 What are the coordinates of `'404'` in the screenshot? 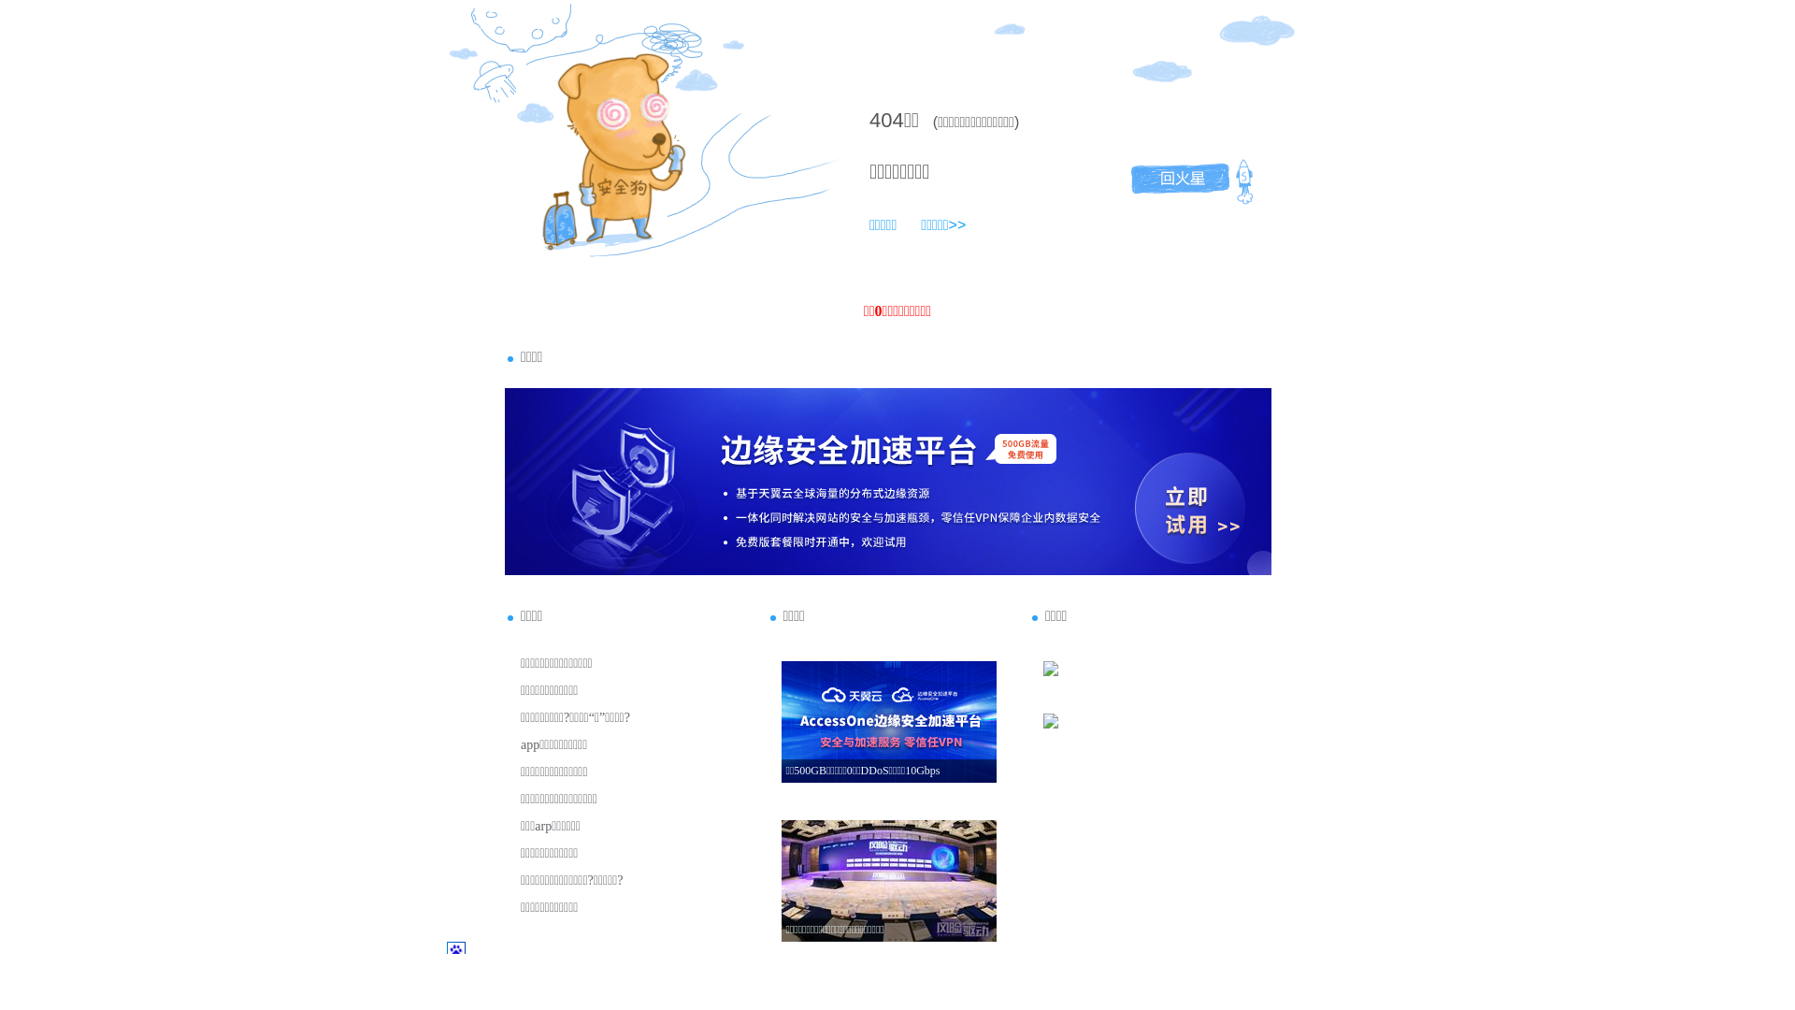 It's located at (885, 120).